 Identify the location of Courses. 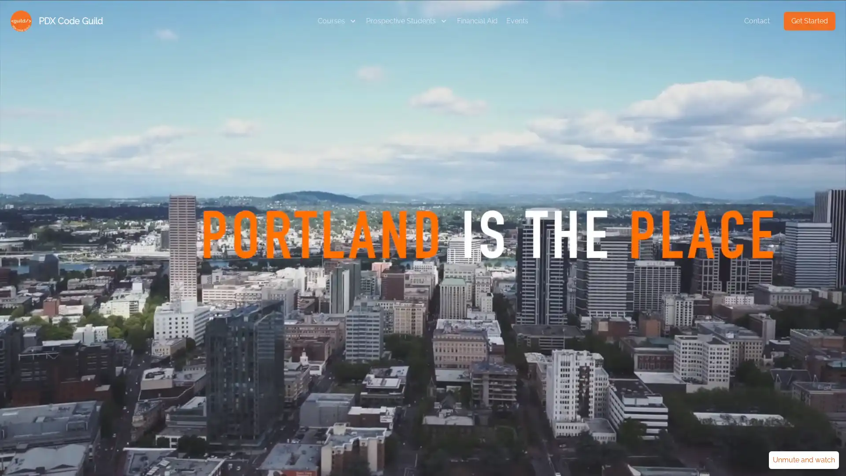
(337, 20).